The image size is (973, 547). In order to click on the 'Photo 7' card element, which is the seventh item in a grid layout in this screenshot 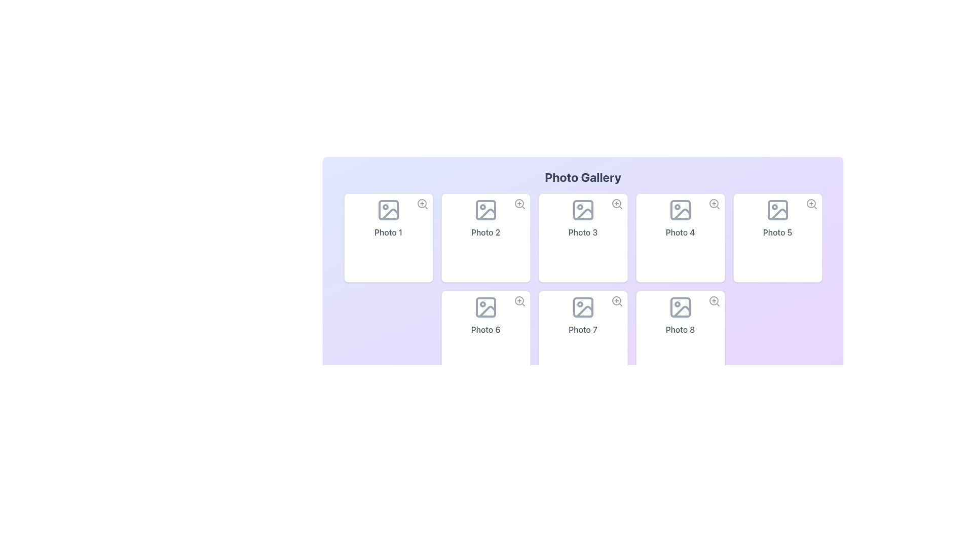, I will do `click(583, 335)`.